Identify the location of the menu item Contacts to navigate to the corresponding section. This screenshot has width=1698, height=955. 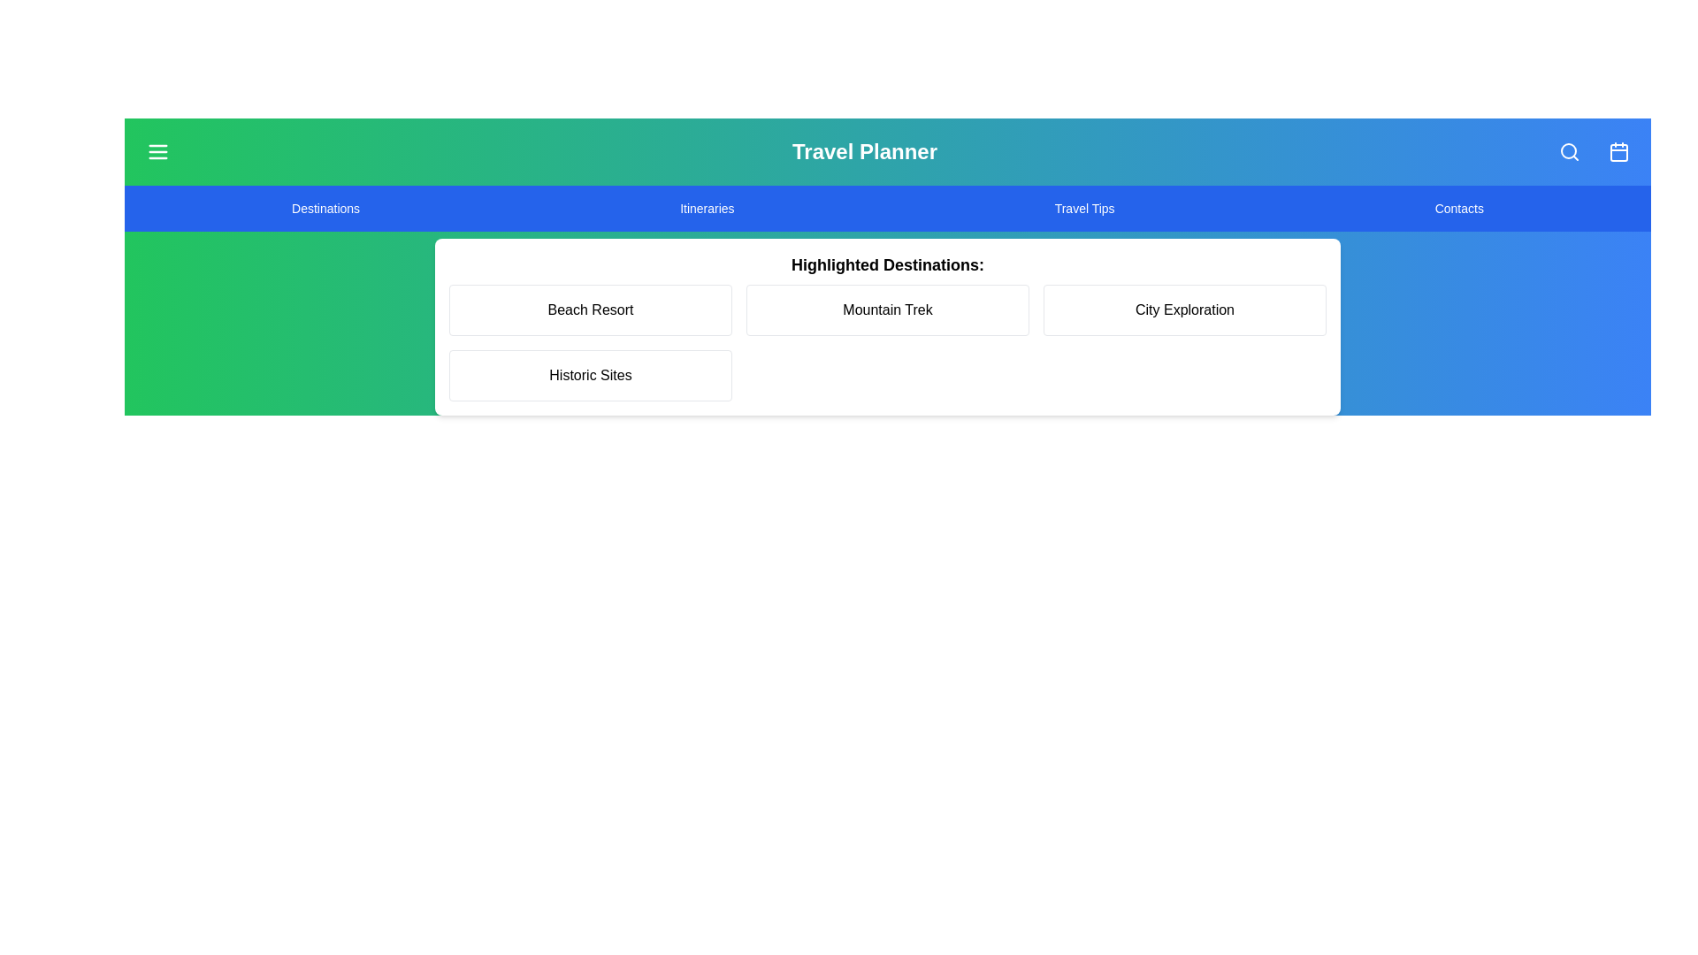
(1459, 207).